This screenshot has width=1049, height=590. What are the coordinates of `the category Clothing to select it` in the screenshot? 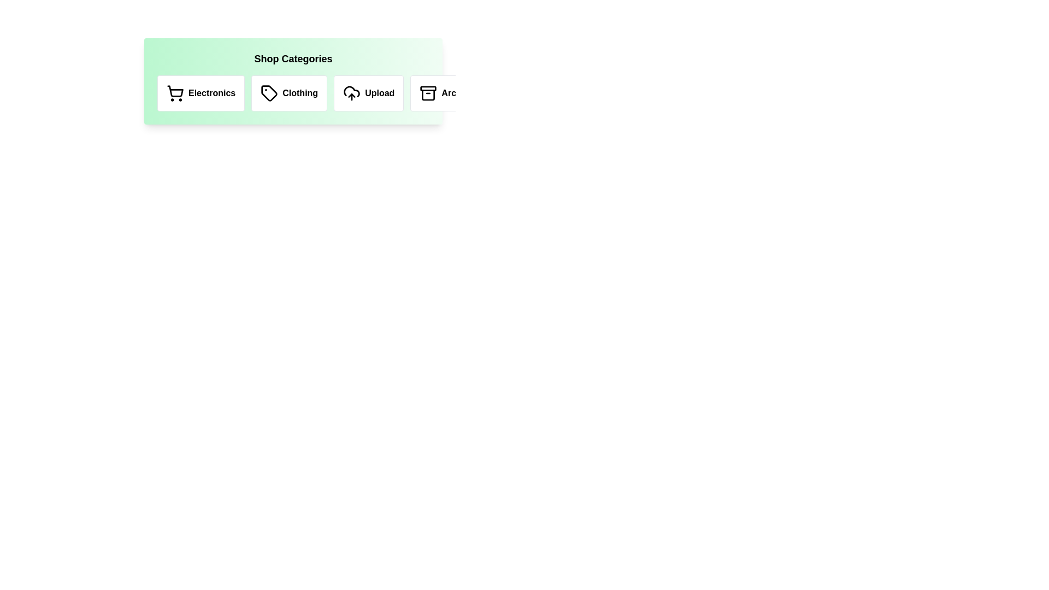 It's located at (288, 92).